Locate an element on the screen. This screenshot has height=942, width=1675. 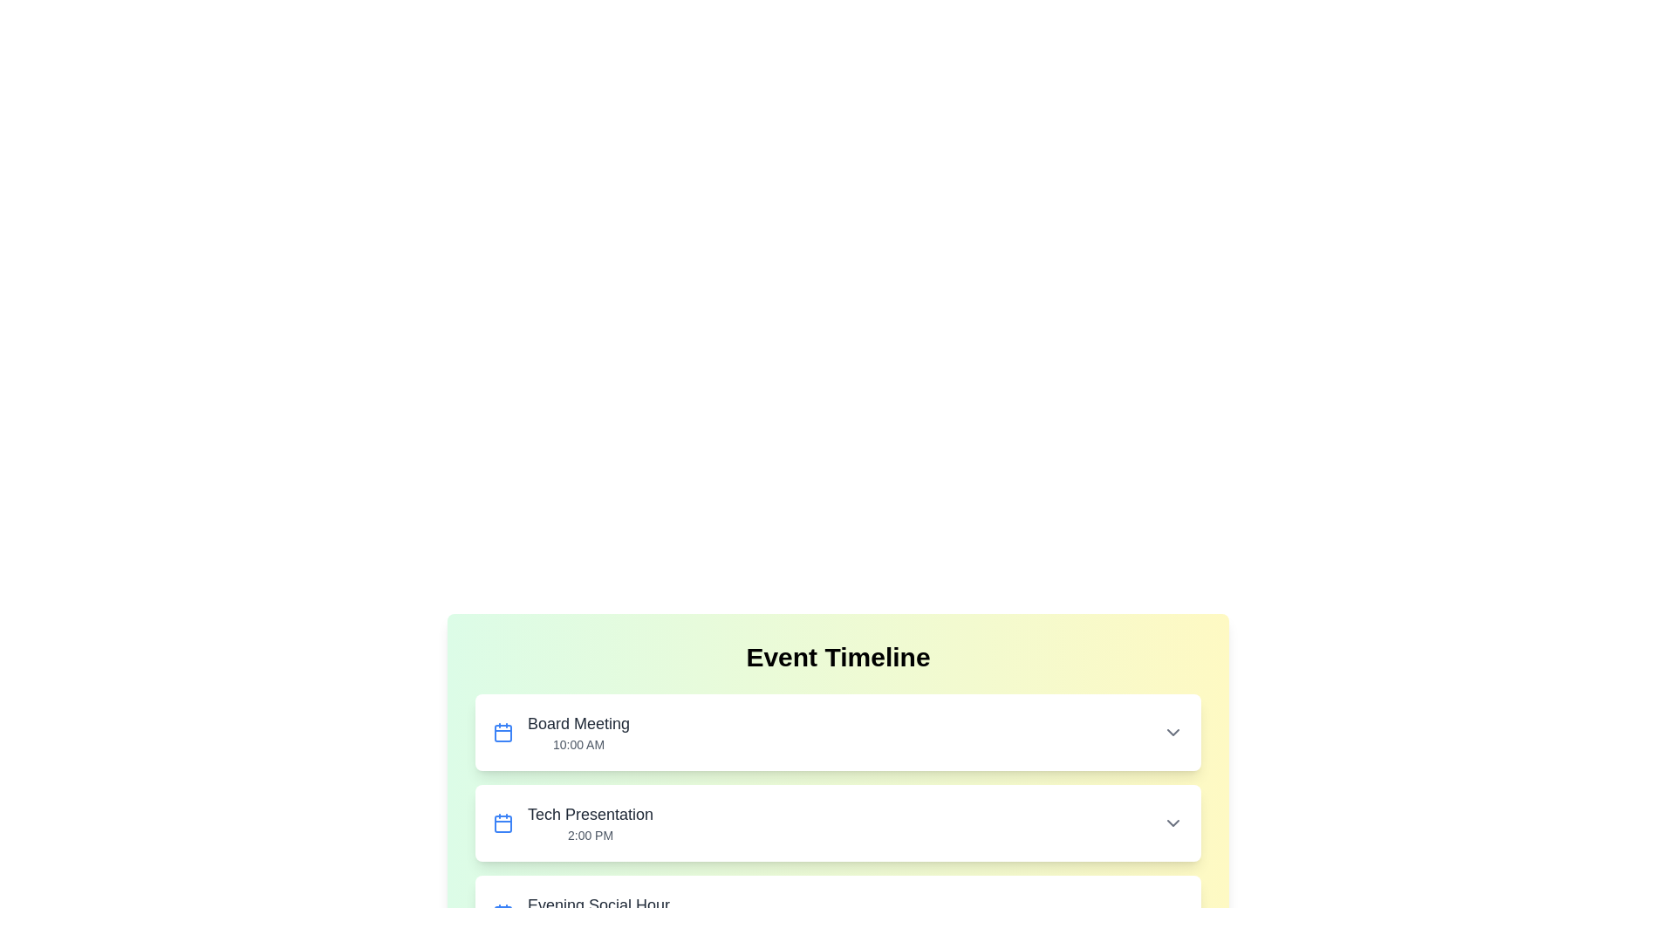
the Text label that serves as the title for the second event card in the timeline list is located at coordinates (590, 814).